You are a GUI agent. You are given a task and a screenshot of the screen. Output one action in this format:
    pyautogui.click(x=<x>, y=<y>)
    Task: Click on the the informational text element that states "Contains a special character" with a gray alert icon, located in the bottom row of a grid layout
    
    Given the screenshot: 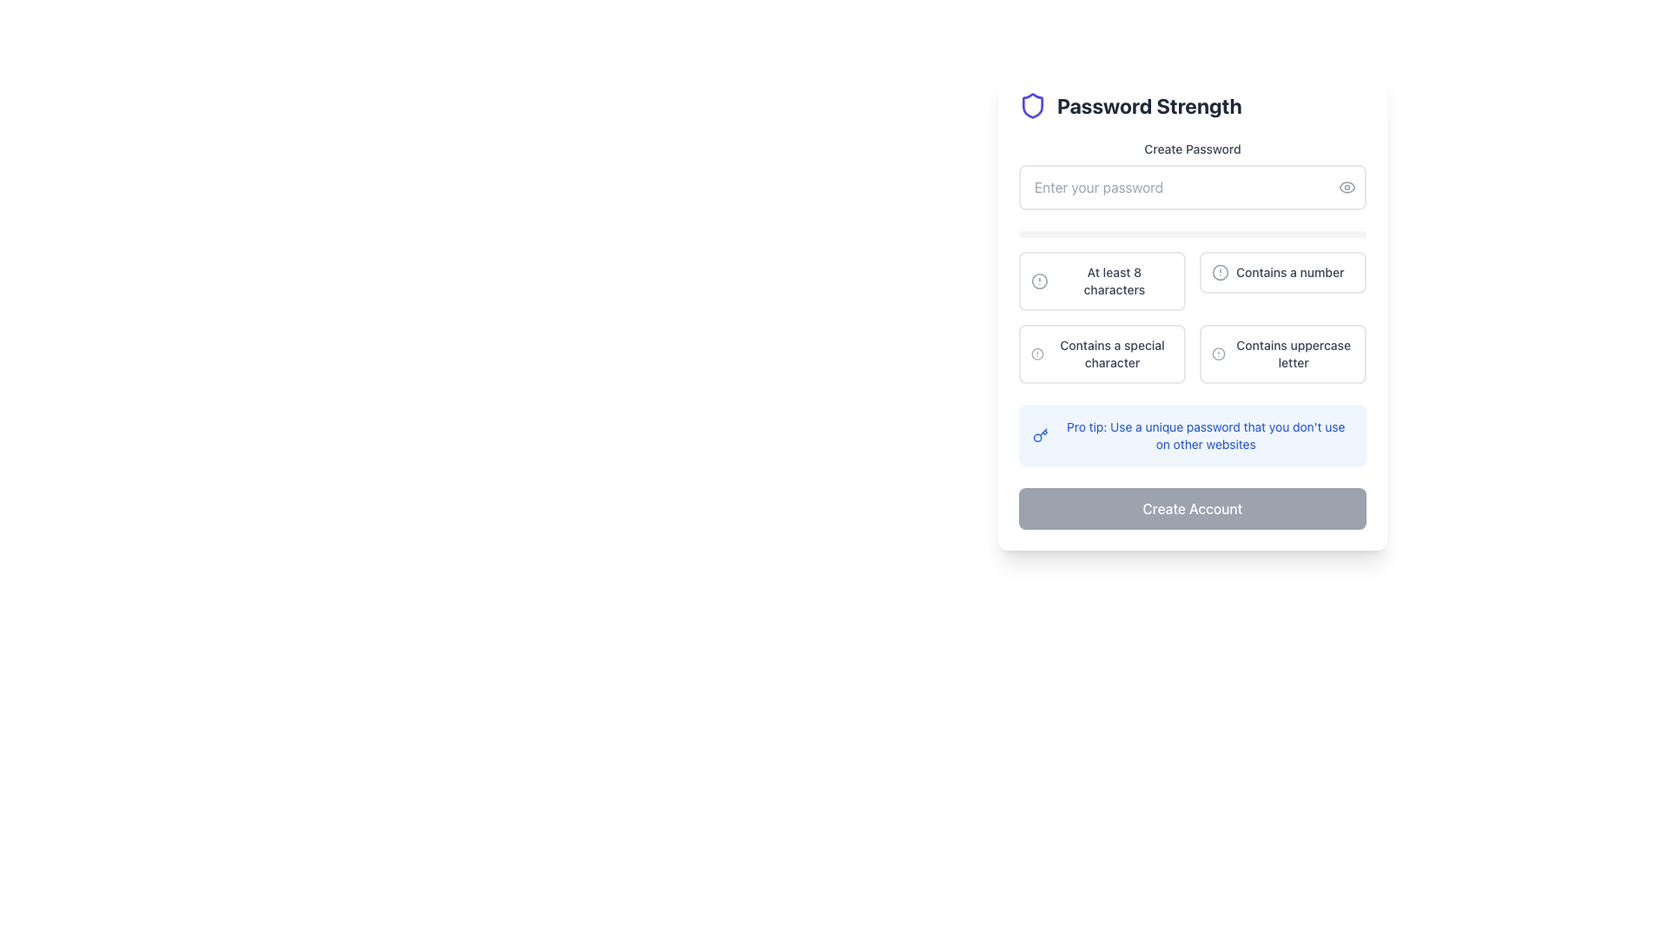 What is the action you would take?
    pyautogui.click(x=1101, y=353)
    